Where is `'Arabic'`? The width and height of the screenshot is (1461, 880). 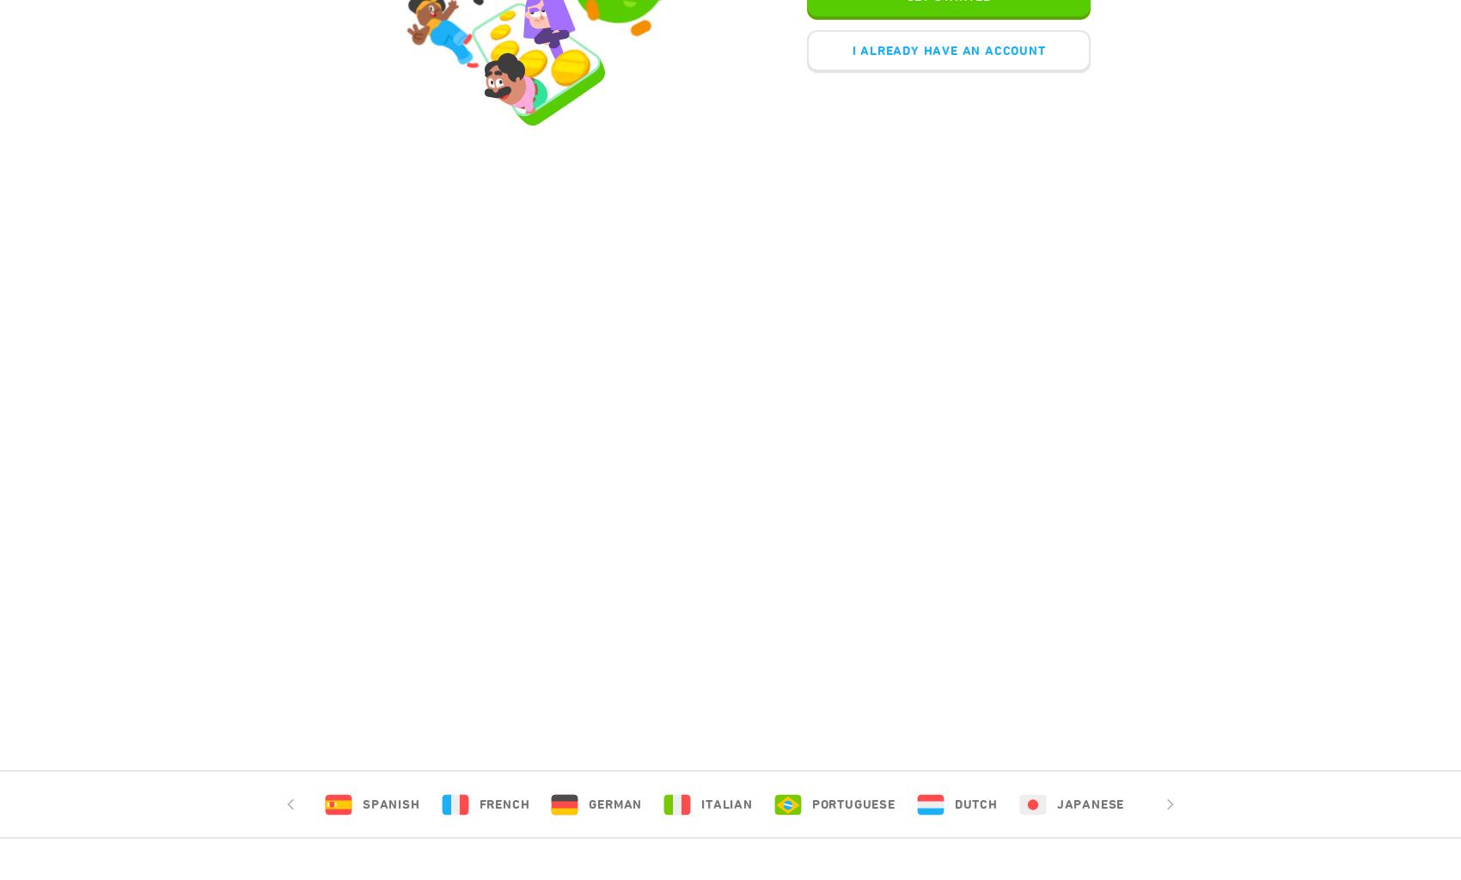
'Arabic' is located at coordinates (1207, 804).